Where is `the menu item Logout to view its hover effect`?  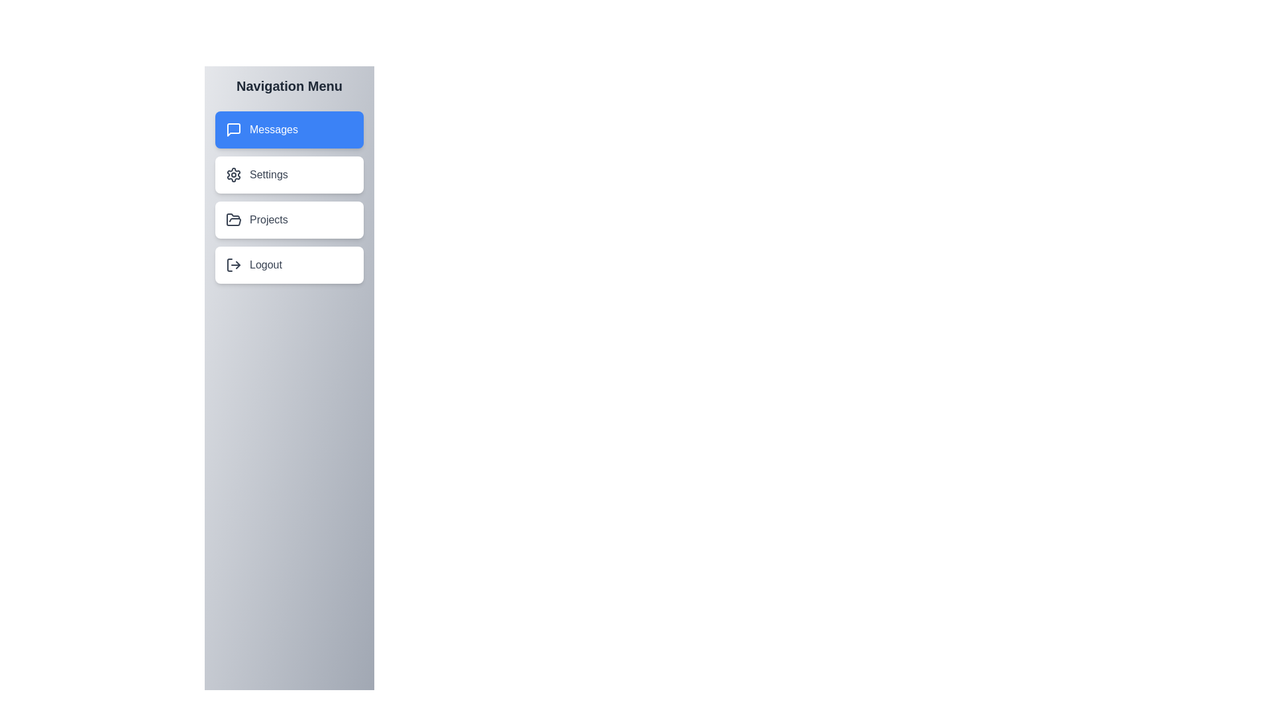 the menu item Logout to view its hover effect is located at coordinates (288, 265).